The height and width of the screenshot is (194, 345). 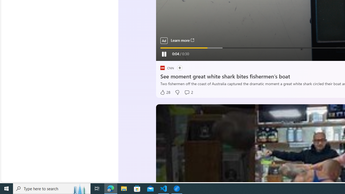 I want to click on 'Pause', so click(x=163, y=54).